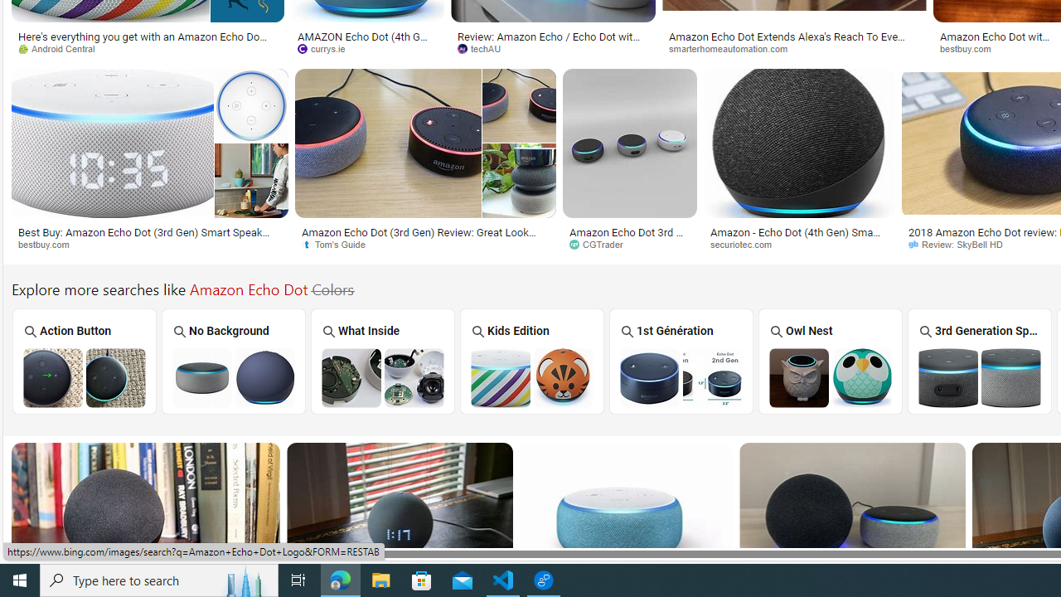 Image resolution: width=1061 pixels, height=597 pixels. I want to click on 'No Background', so click(233, 360).